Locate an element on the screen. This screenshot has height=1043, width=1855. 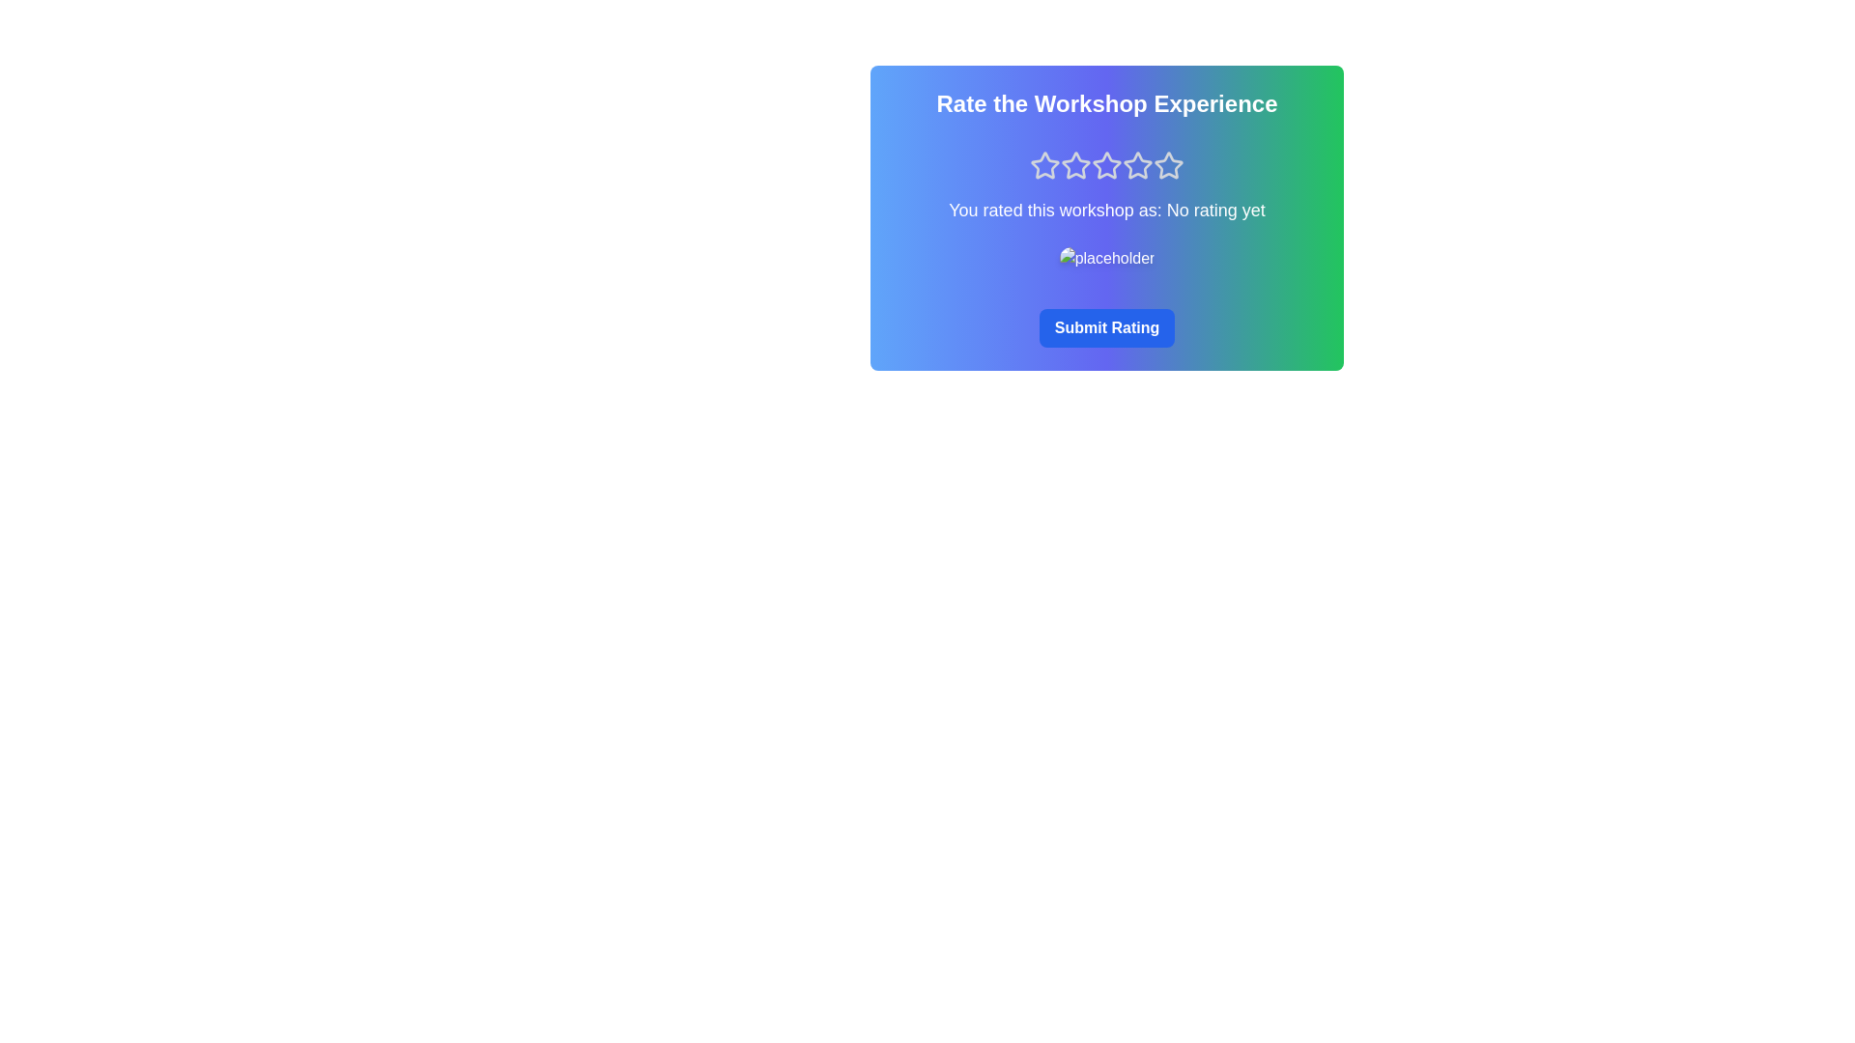
the star corresponding to 3 stars to preview the rating is located at coordinates (1107, 165).